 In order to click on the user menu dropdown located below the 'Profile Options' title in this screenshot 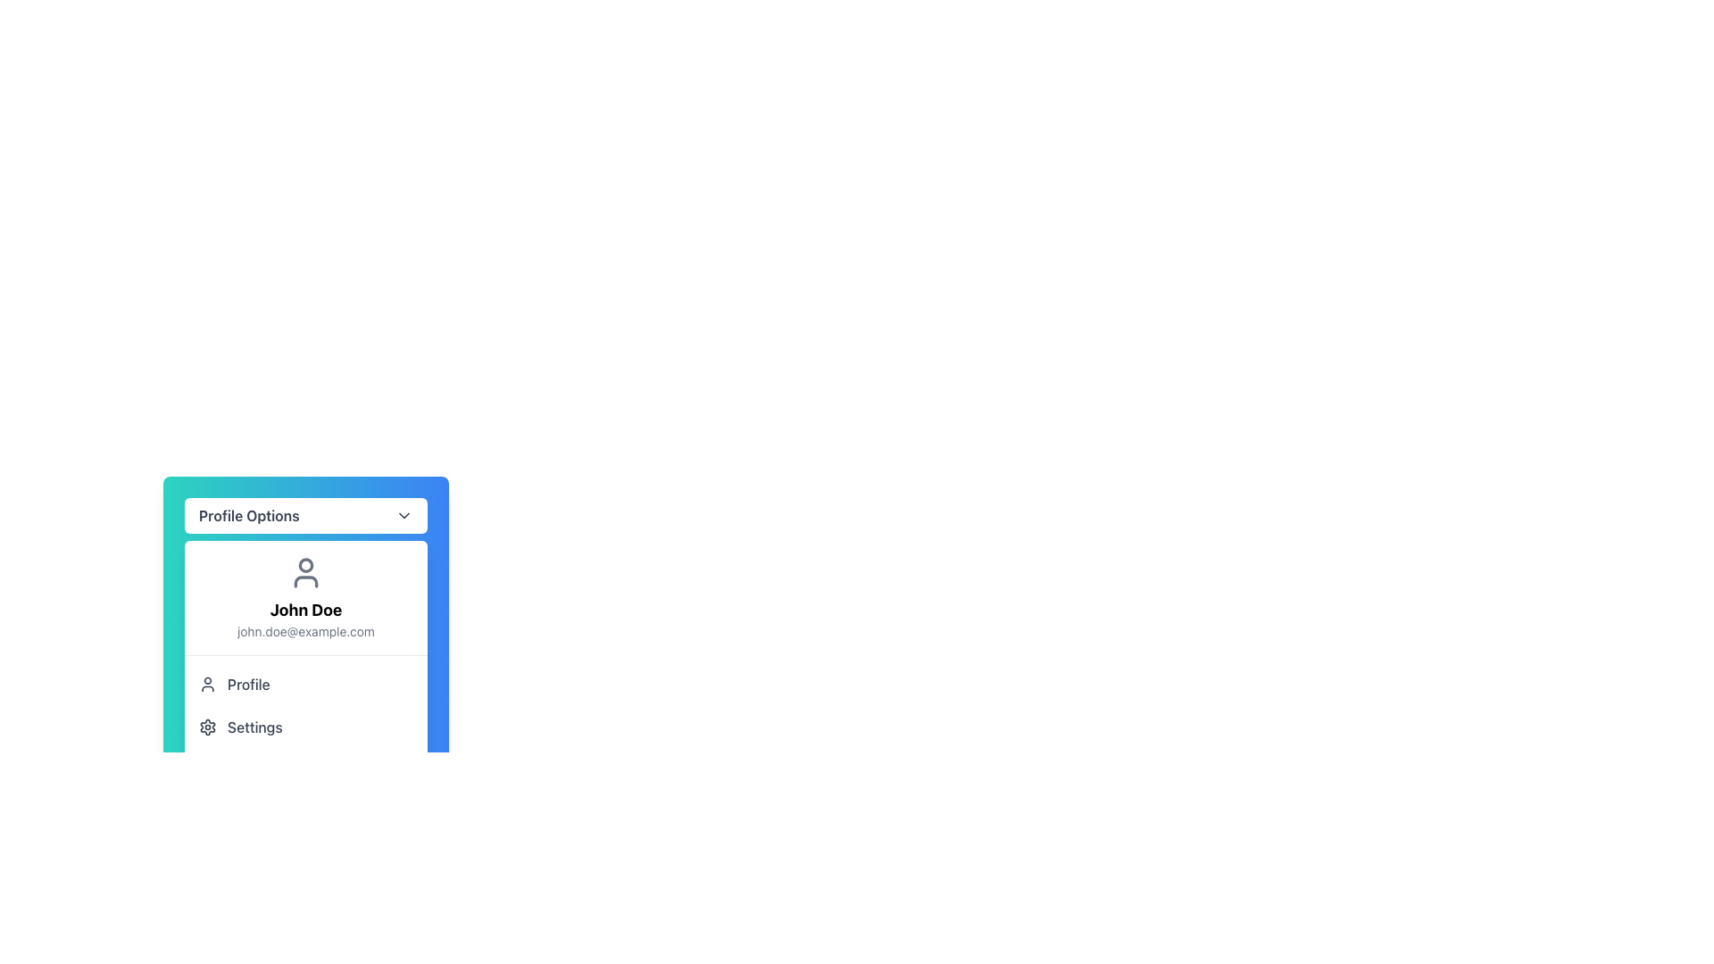, I will do `click(305, 669)`.